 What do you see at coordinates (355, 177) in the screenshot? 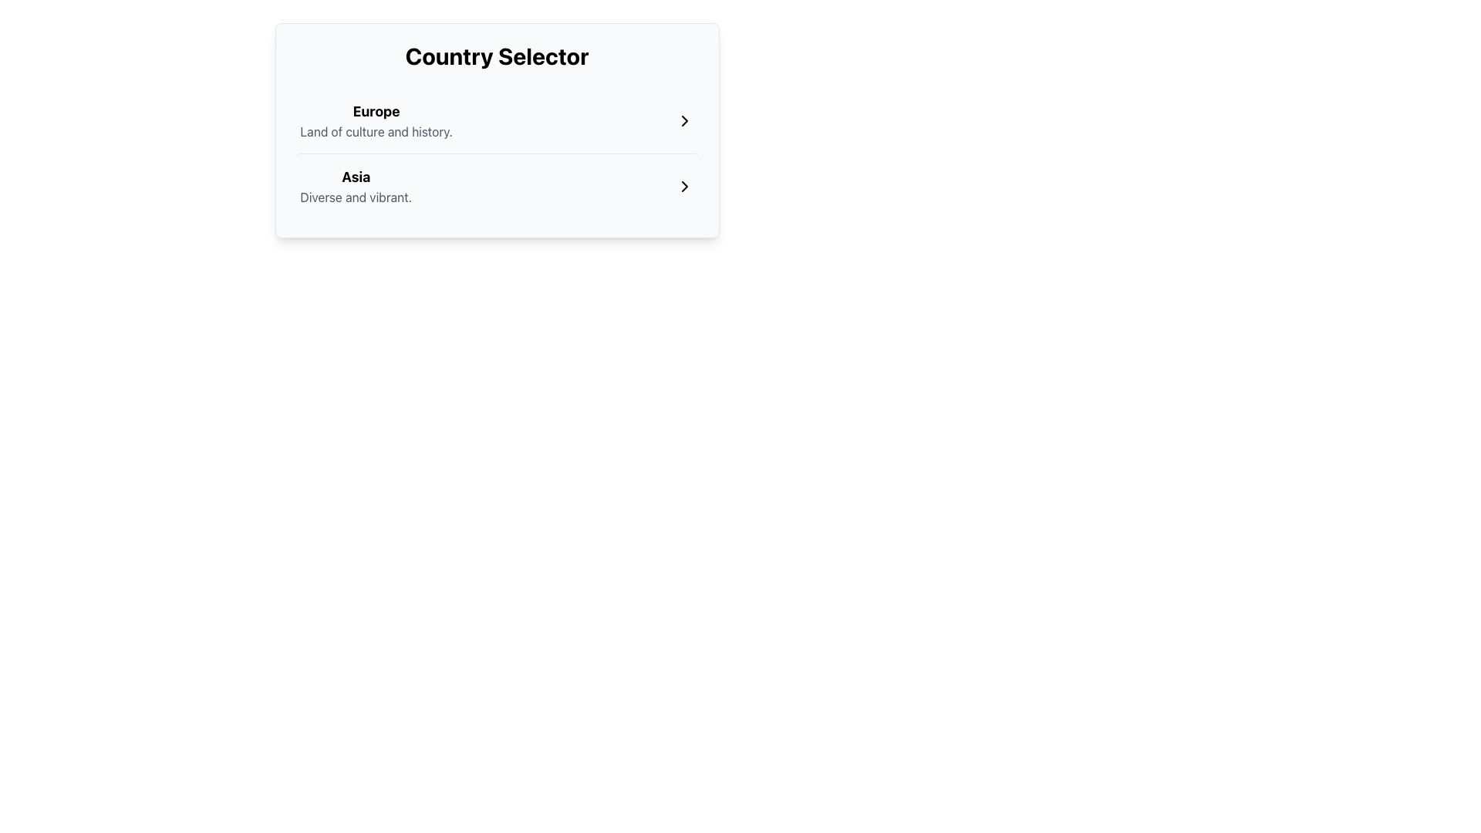
I see `text label displaying 'Asia', which is positioned beneath the title 'Country Selector' and above the description 'Diverse and vibrant'` at bounding box center [355, 177].